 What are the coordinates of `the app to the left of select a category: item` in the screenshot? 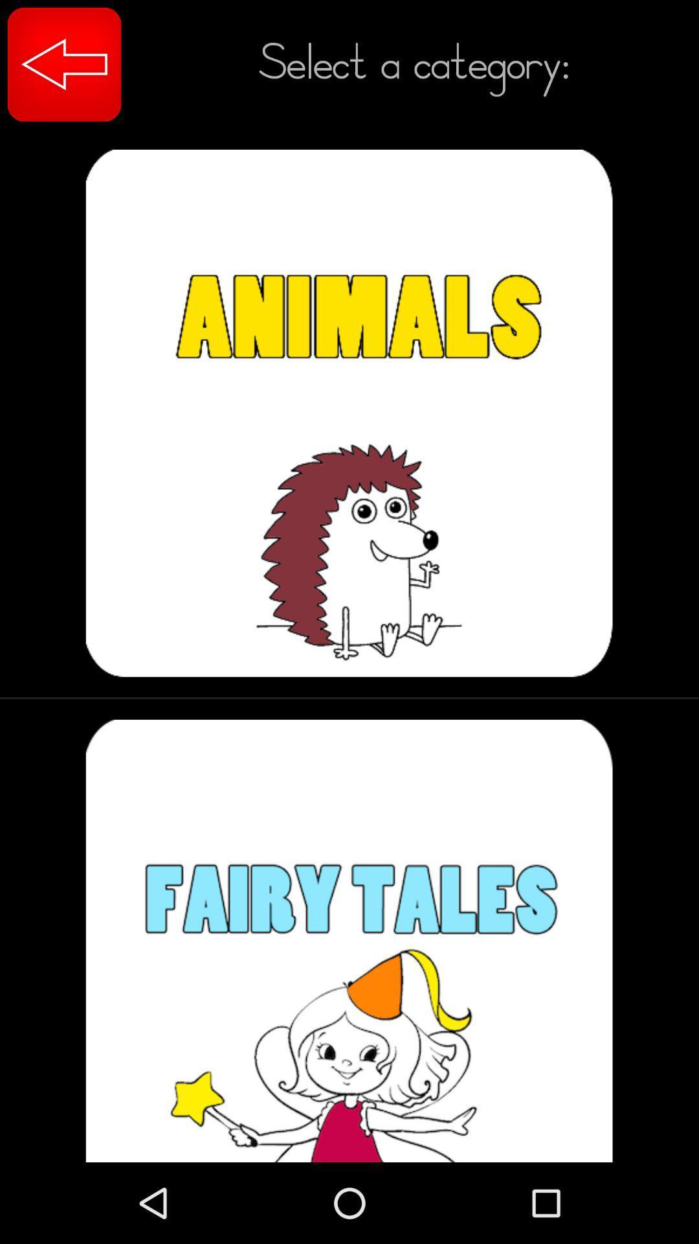 It's located at (64, 63).